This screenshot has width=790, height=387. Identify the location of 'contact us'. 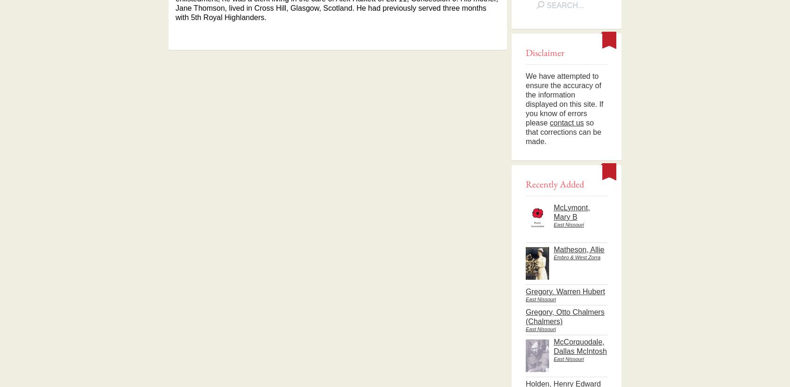
(566, 123).